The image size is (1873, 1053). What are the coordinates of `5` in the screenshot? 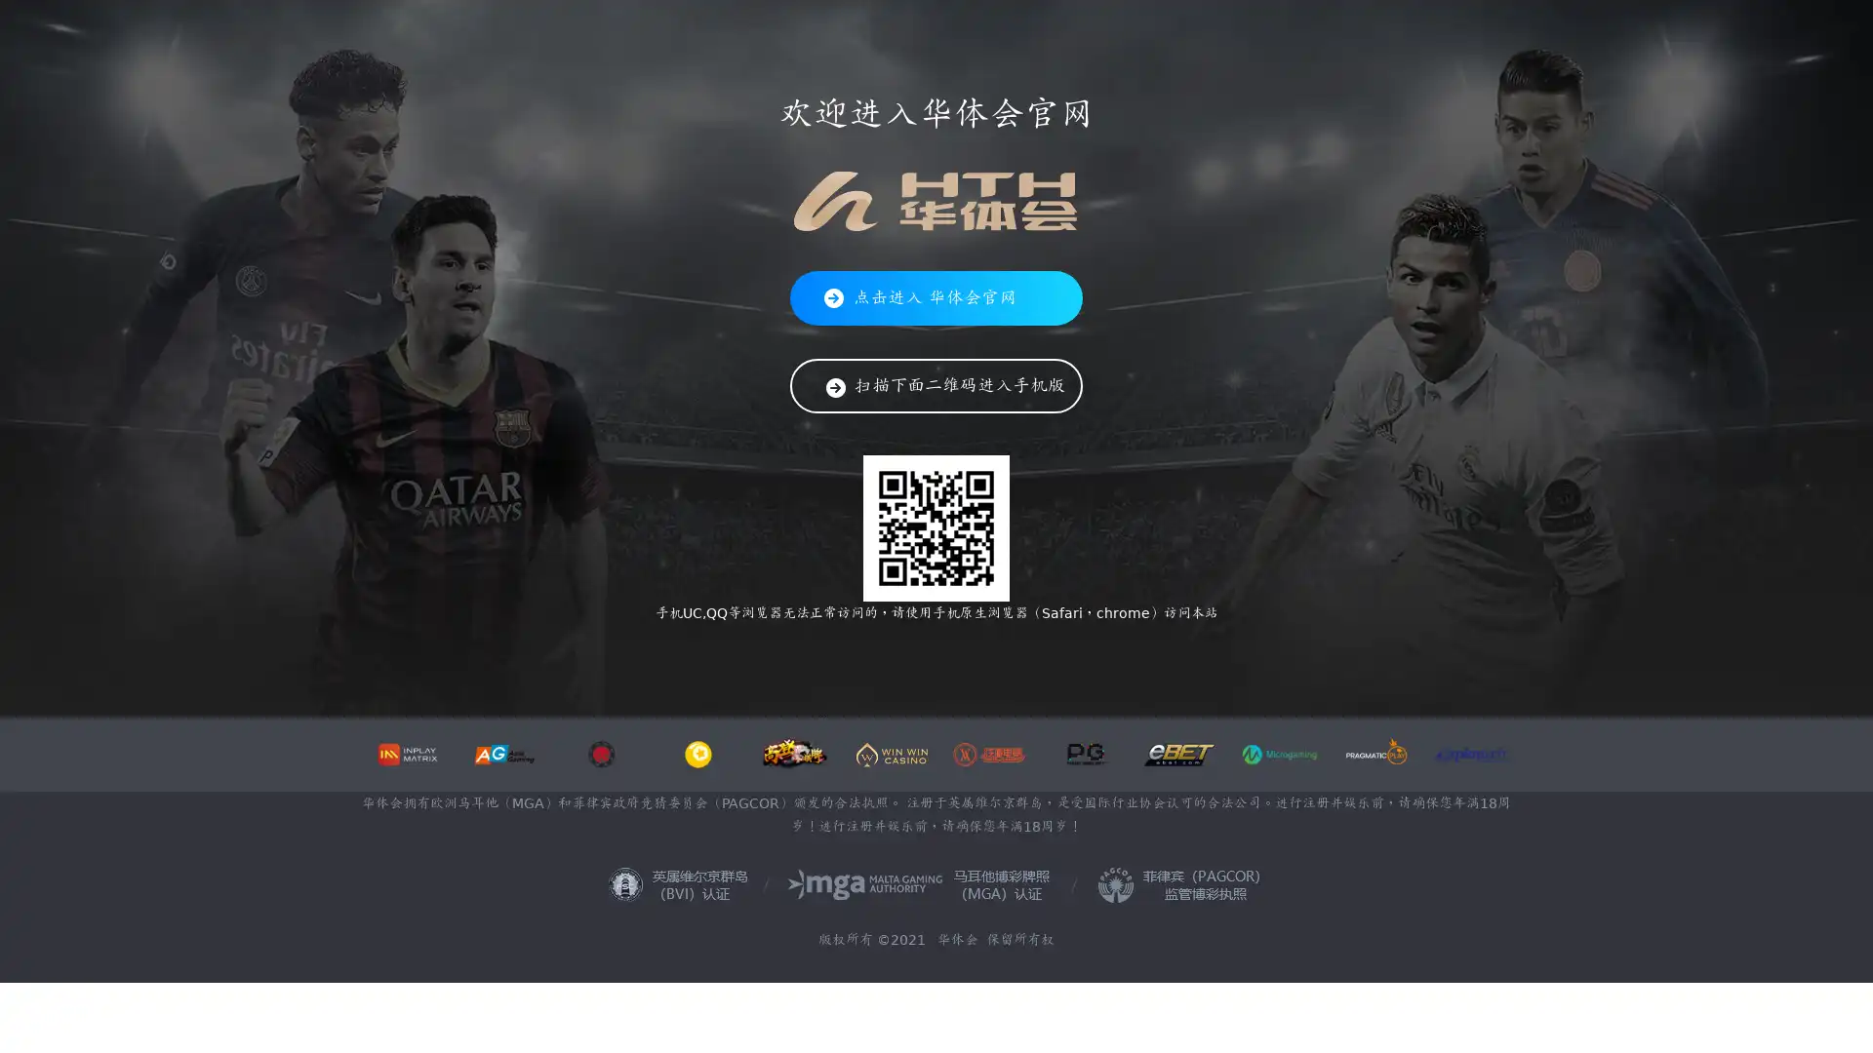 It's located at (823, 649).